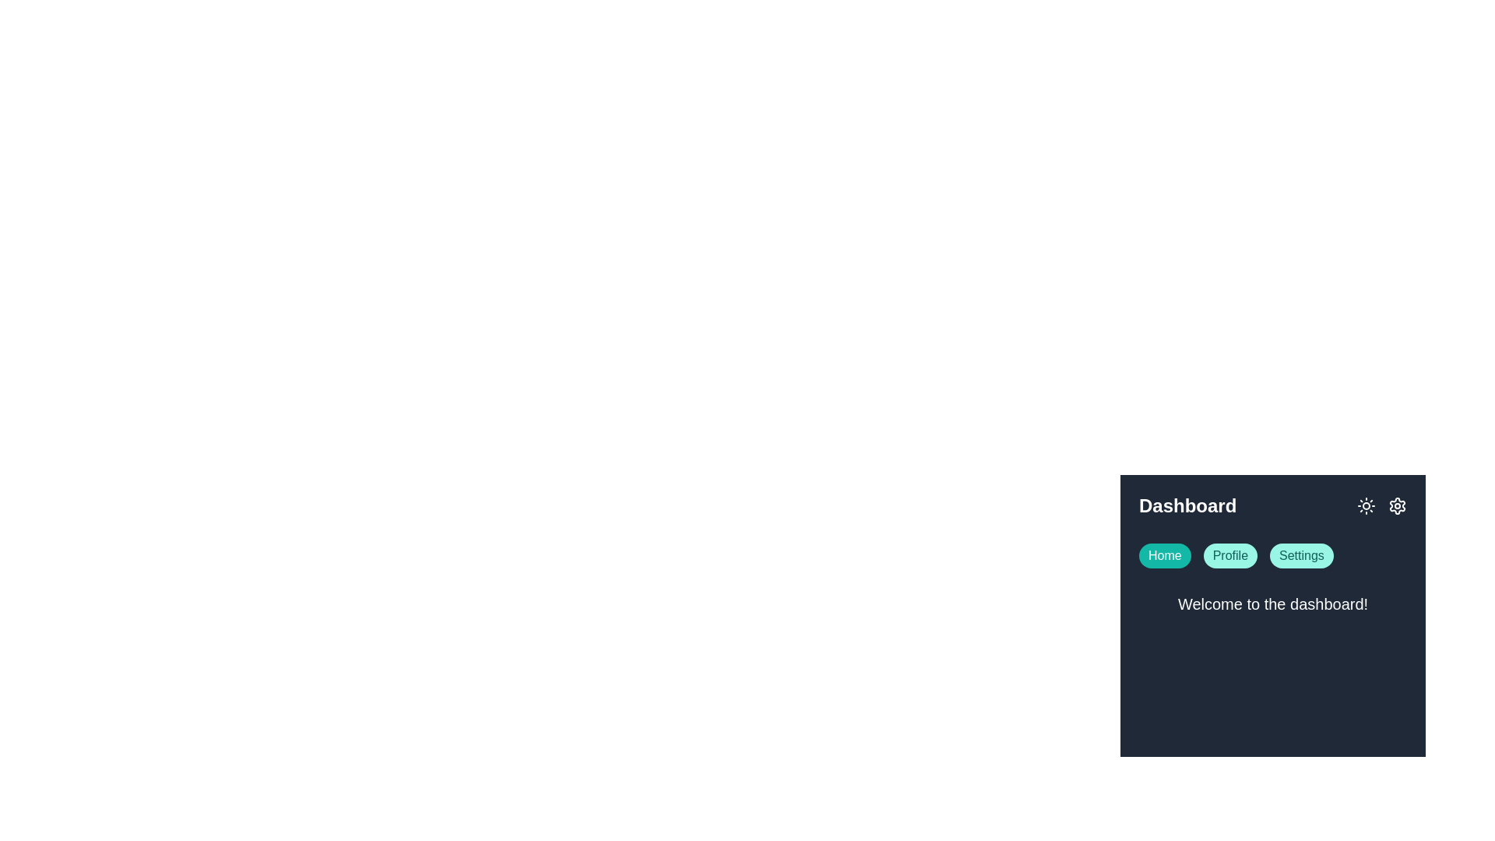 The height and width of the screenshot is (841, 1495). I want to click on the welcoming message static text located below the buttons labeled 'Home,' 'Profile,' and 'Settings' in the dashboard layout, so click(1273, 603).